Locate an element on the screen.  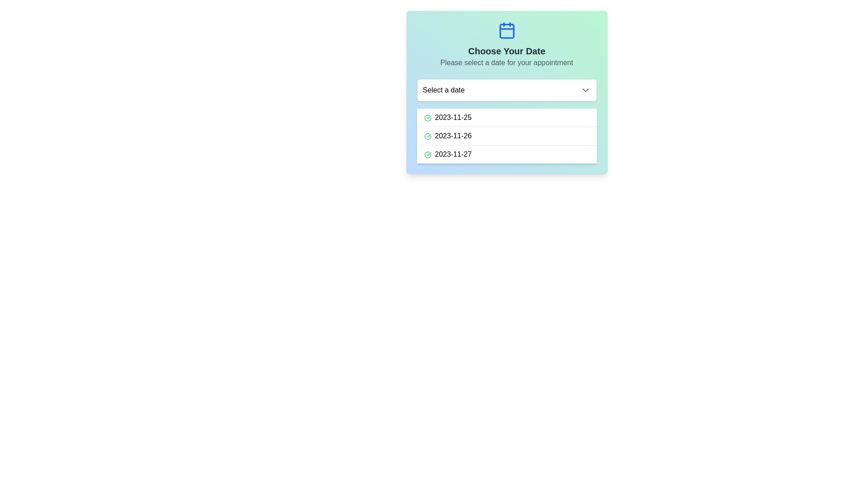
the selectable option for the date '2023-11-26' in the date selection dropdown is located at coordinates (507, 136).